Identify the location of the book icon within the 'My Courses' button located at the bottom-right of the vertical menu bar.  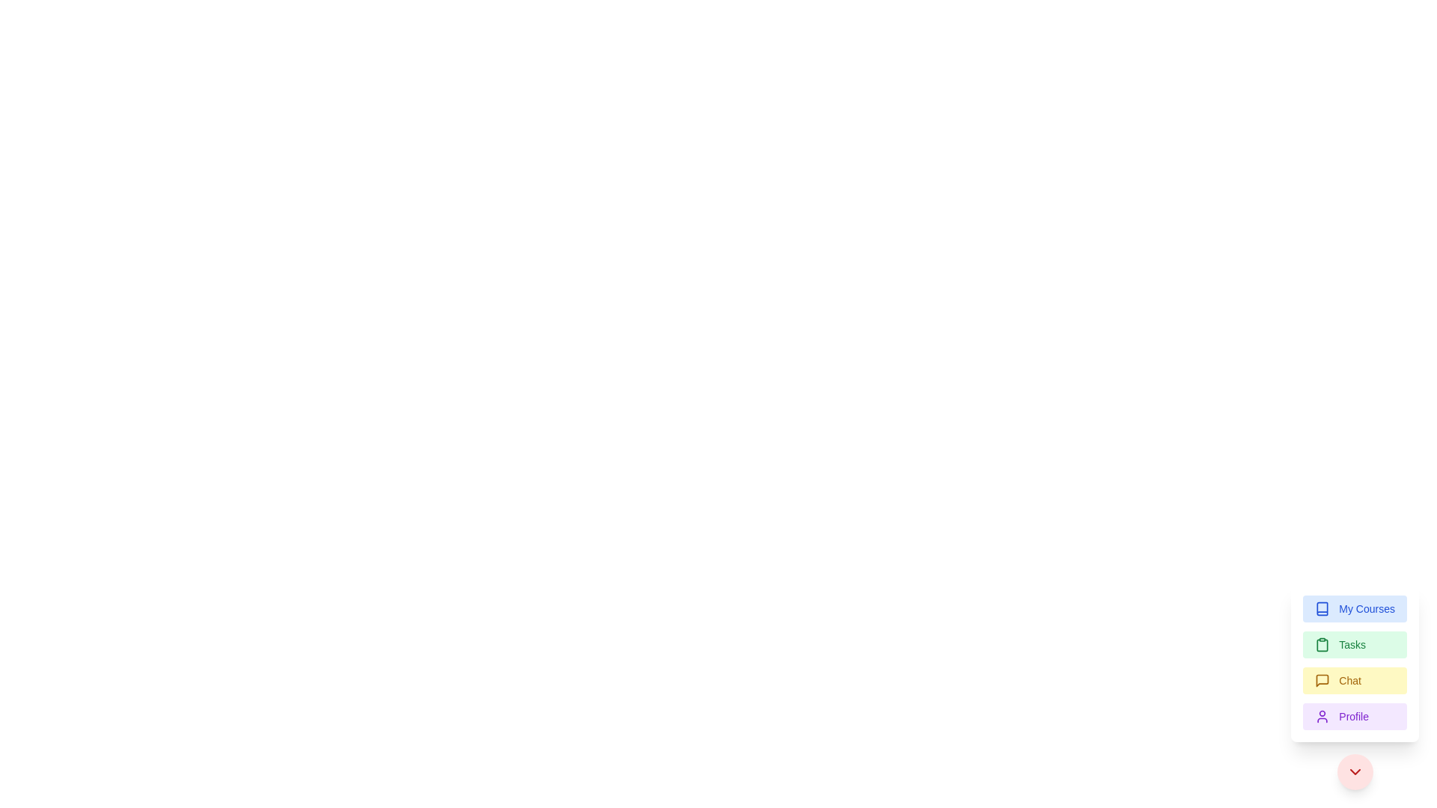
(1322, 608).